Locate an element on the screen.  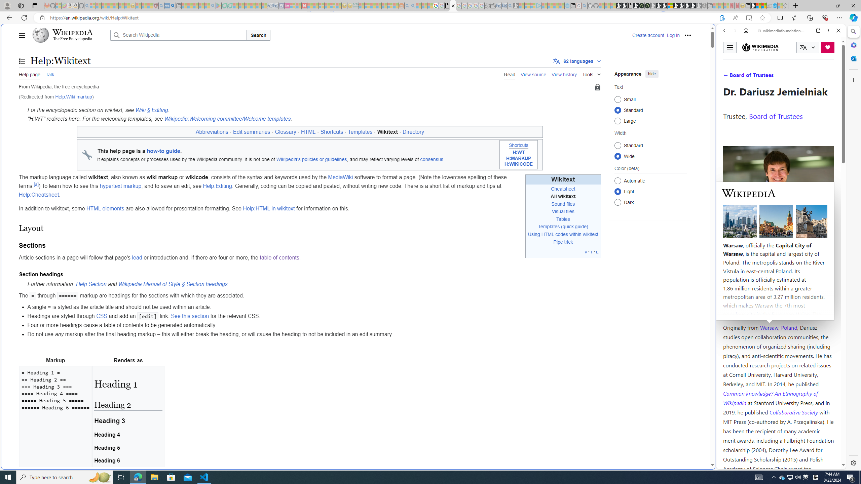
'All wikitext' is located at coordinates (563, 196).